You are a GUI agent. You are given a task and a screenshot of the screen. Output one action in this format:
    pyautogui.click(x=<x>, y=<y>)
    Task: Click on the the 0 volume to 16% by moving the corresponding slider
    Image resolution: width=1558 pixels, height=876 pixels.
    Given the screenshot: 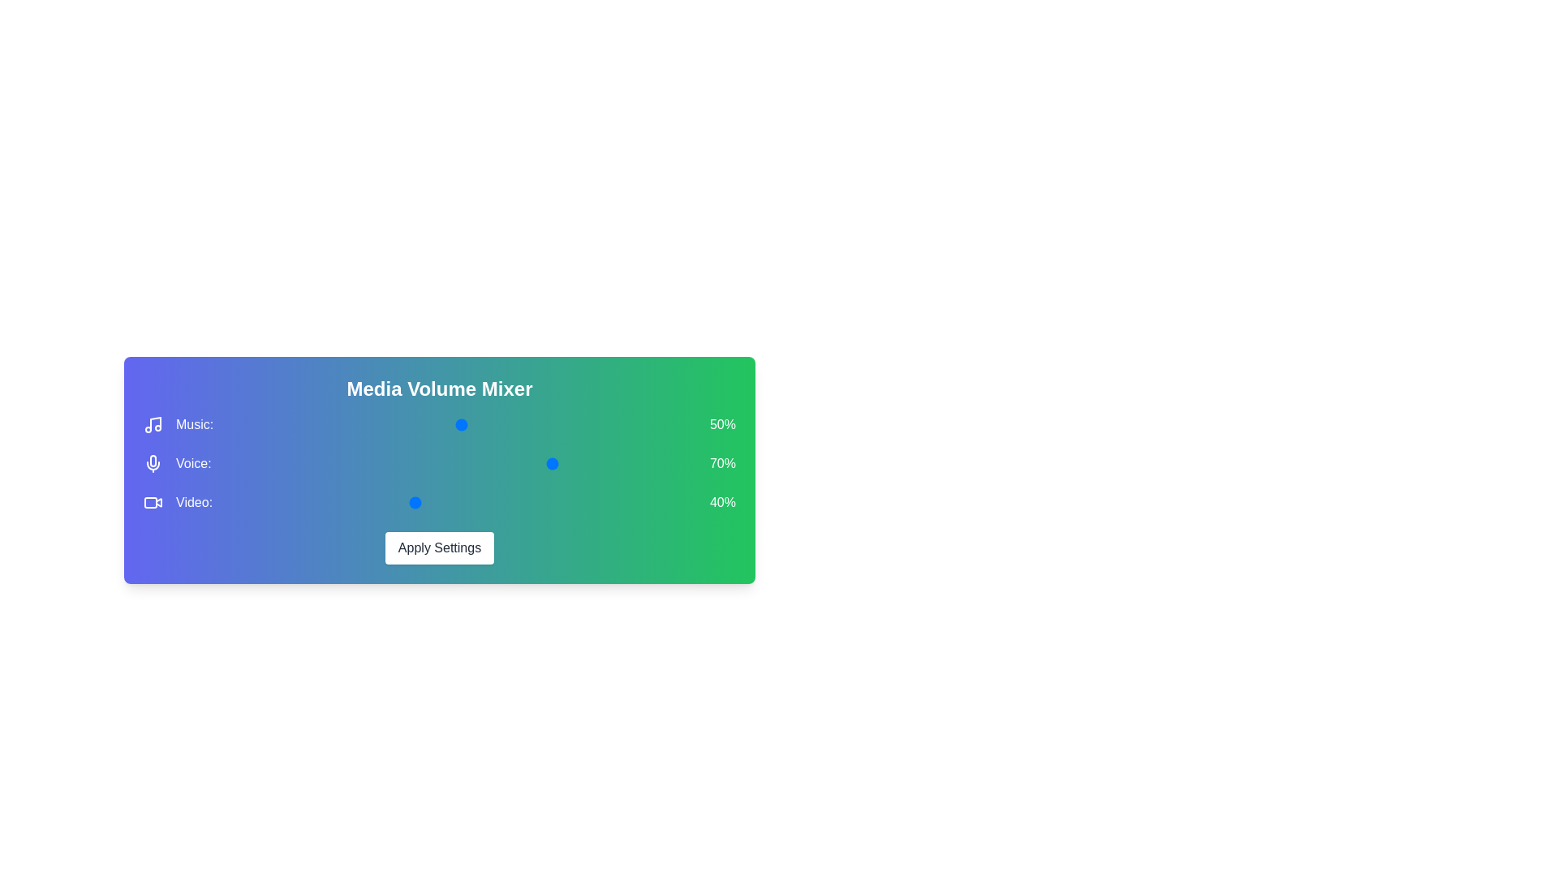 What is the action you would take?
    pyautogui.click(x=498, y=424)
    